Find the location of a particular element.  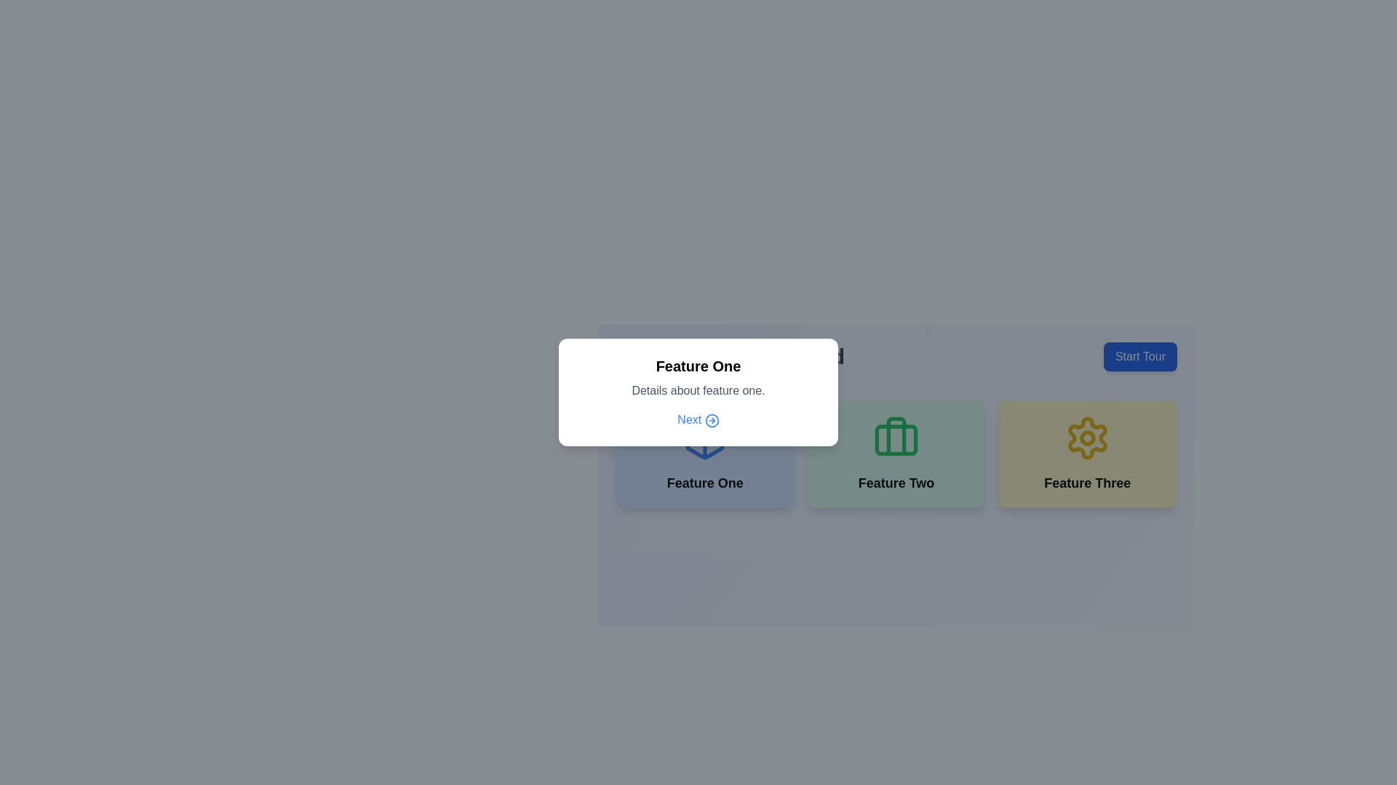

the card representing 'Feature One', which is the first element in a grid layout of three features is located at coordinates (705, 453).